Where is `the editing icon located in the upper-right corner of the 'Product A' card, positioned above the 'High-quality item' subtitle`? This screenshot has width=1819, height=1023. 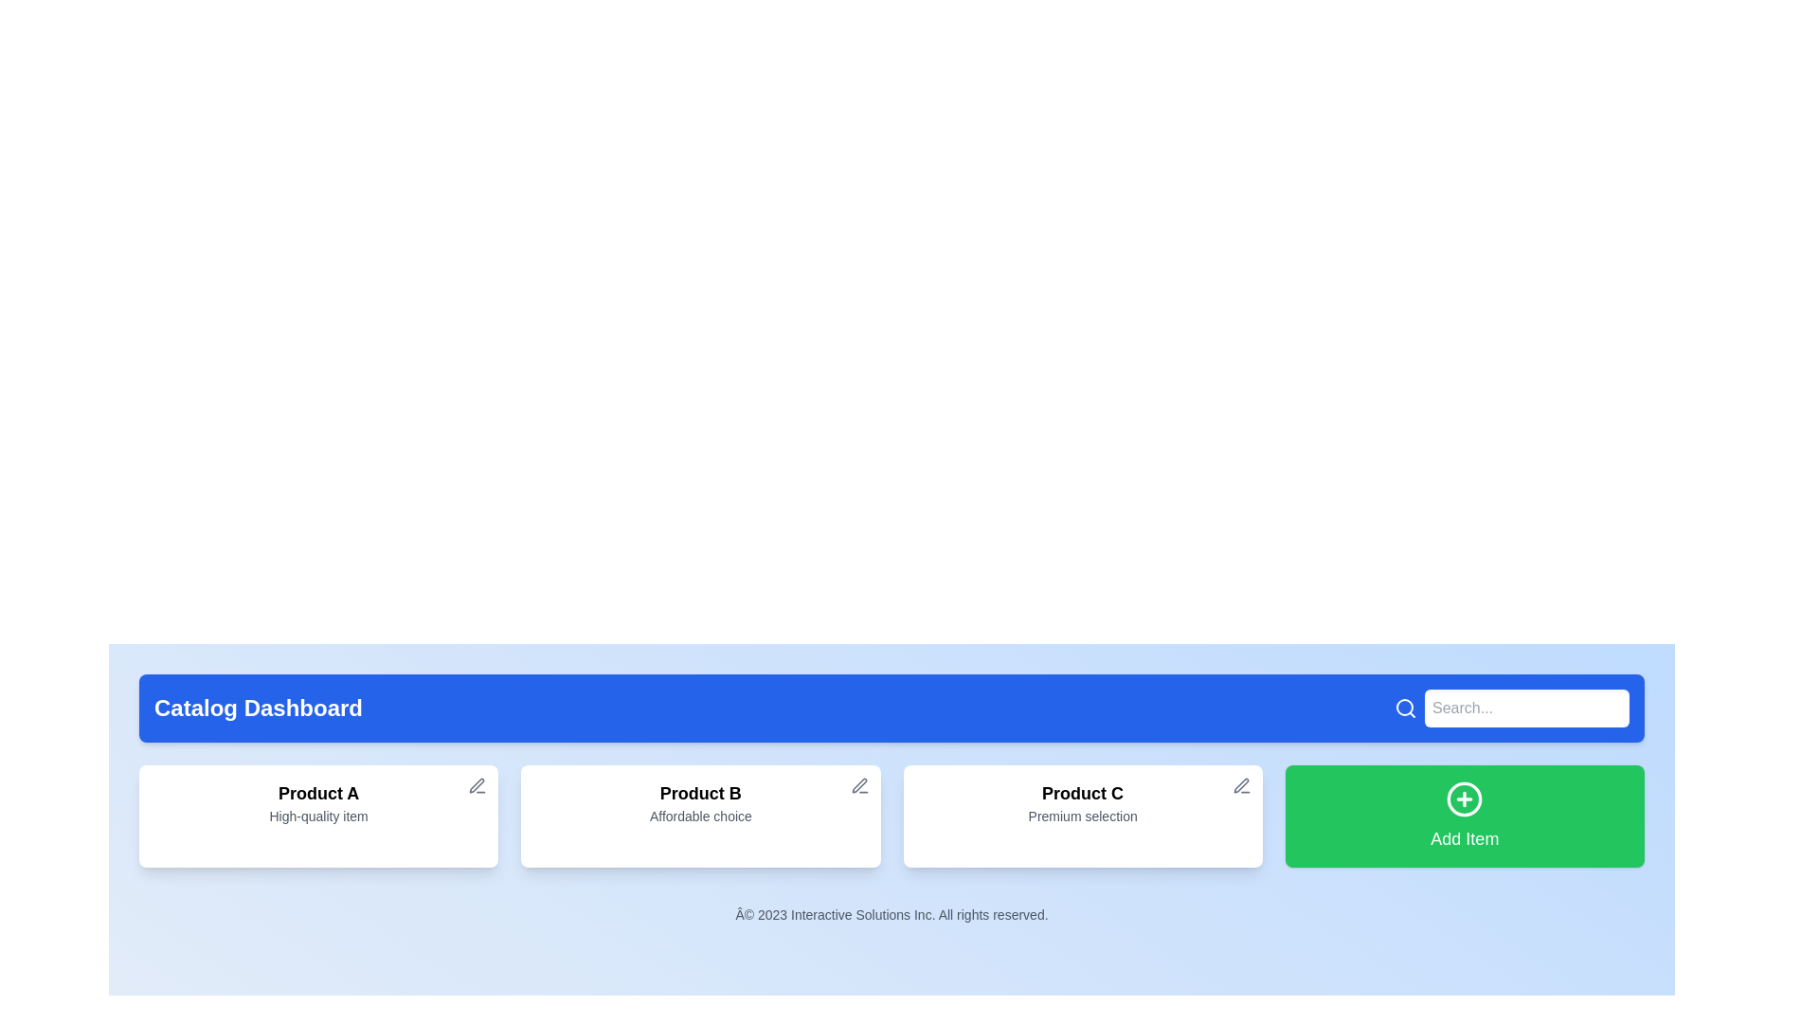
the editing icon located in the upper-right corner of the 'Product A' card, positioned above the 'High-quality item' subtitle is located at coordinates (477, 785).